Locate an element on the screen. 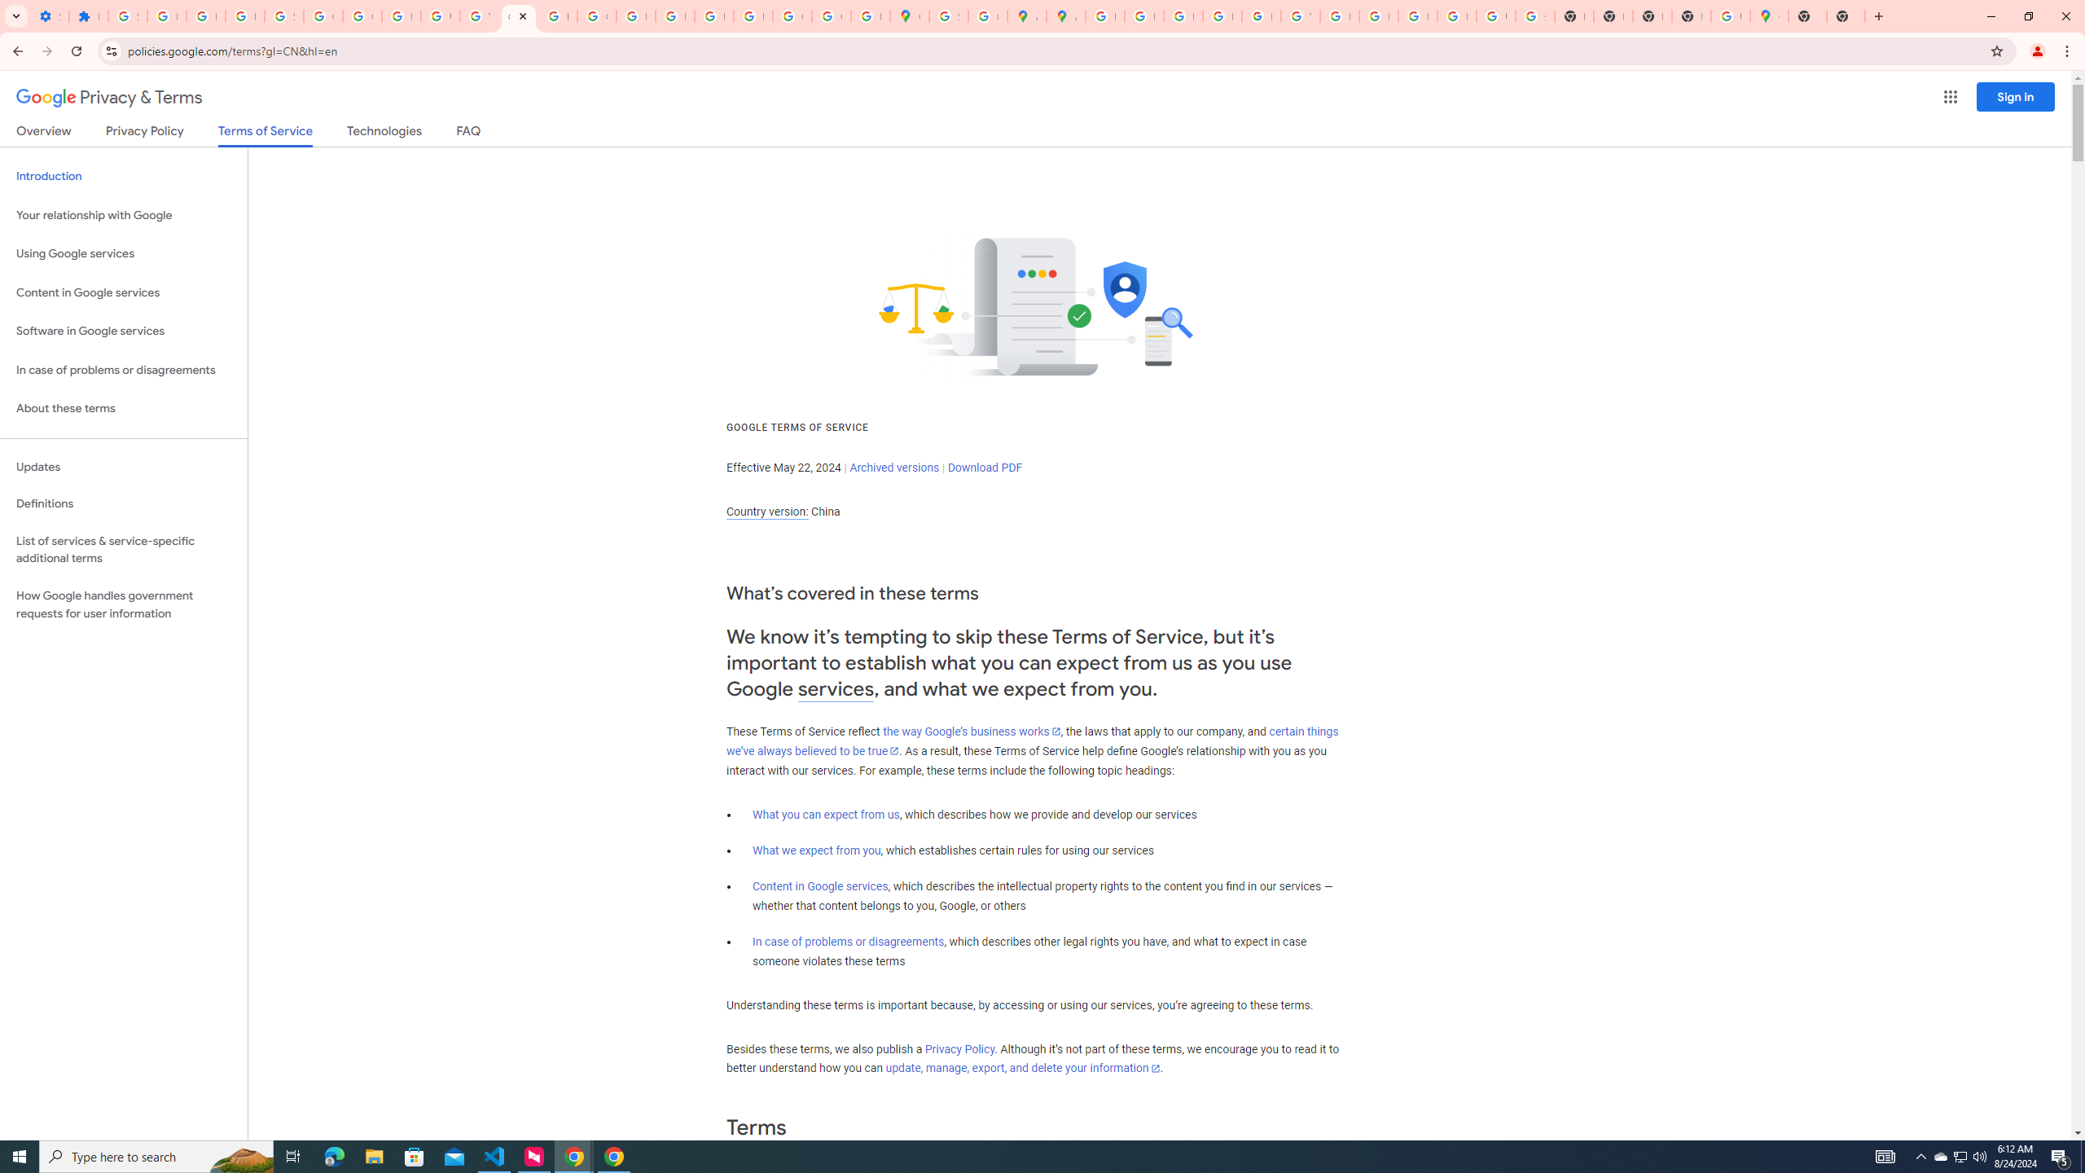 This screenshot has width=2085, height=1173. 'Use Google Maps in Space - Google Maps Help' is located at coordinates (1729, 15).